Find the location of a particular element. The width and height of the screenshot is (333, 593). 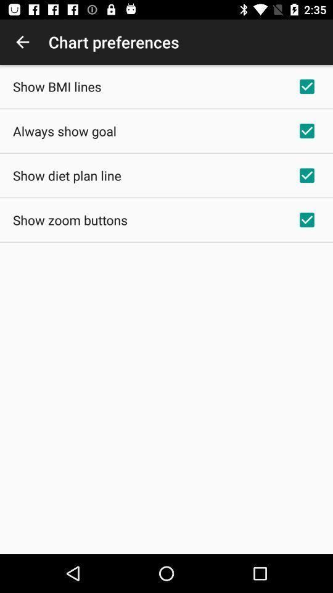

the show diet plan is located at coordinates (67, 175).